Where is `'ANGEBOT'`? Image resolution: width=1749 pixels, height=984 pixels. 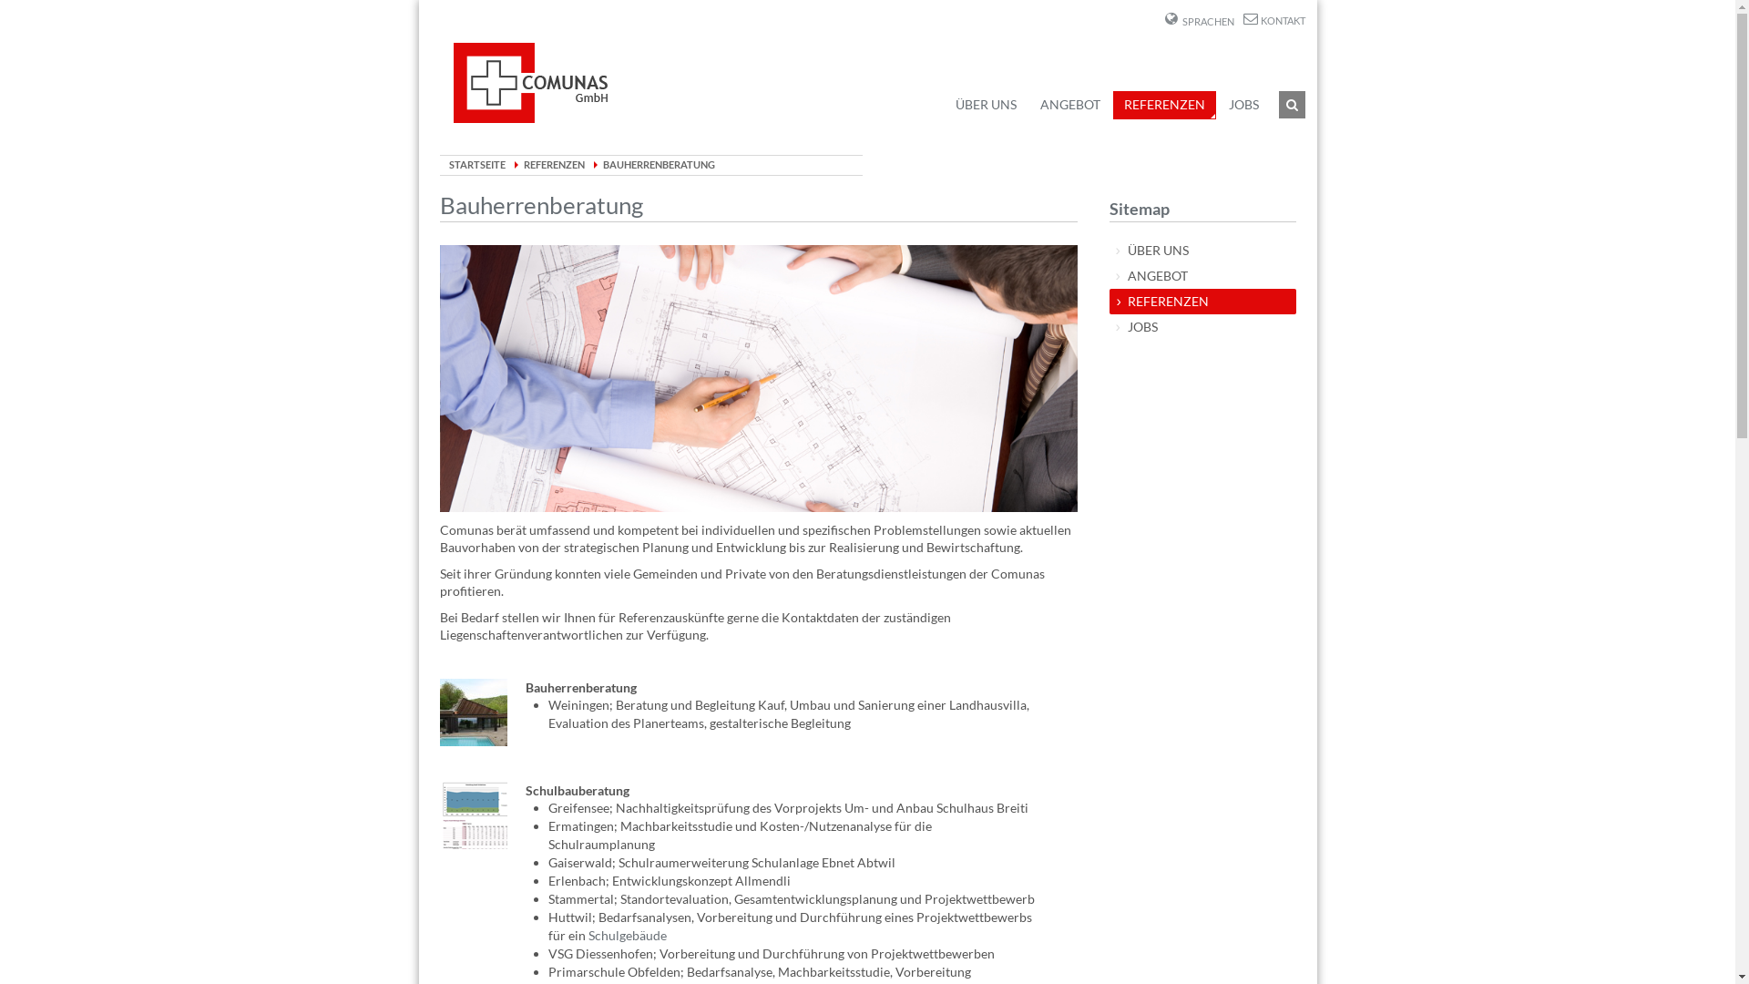 'ANGEBOT' is located at coordinates (1202, 276).